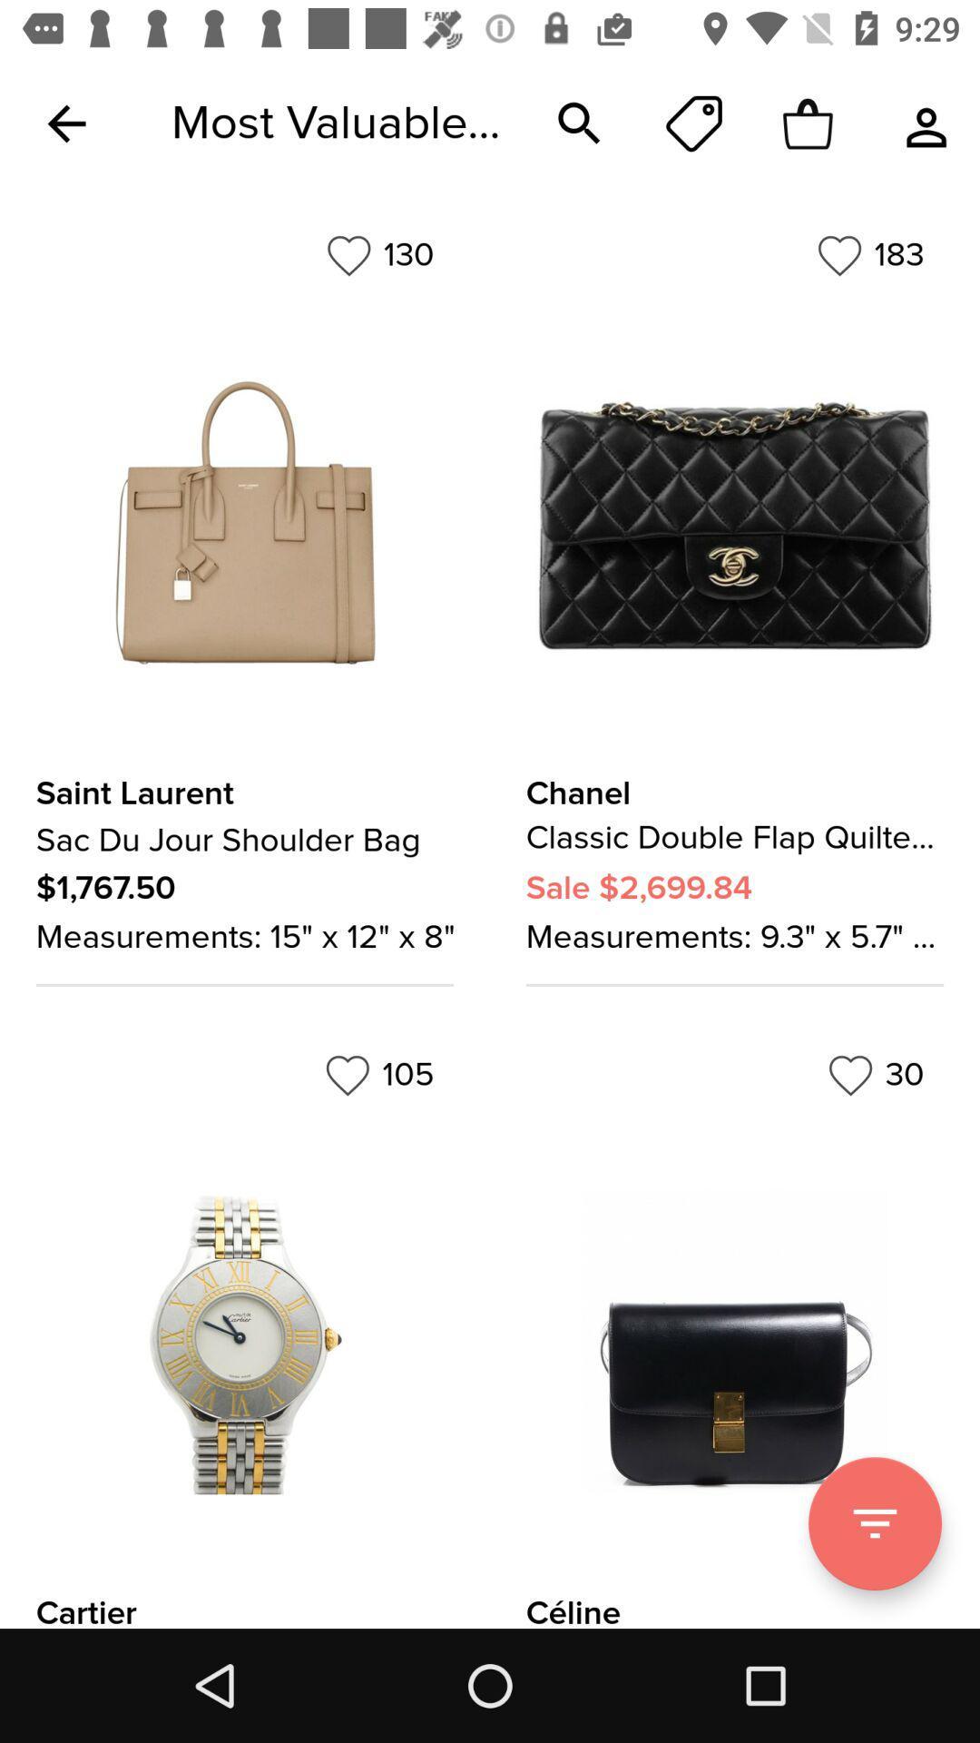  I want to click on 105 item, so click(378, 1075).